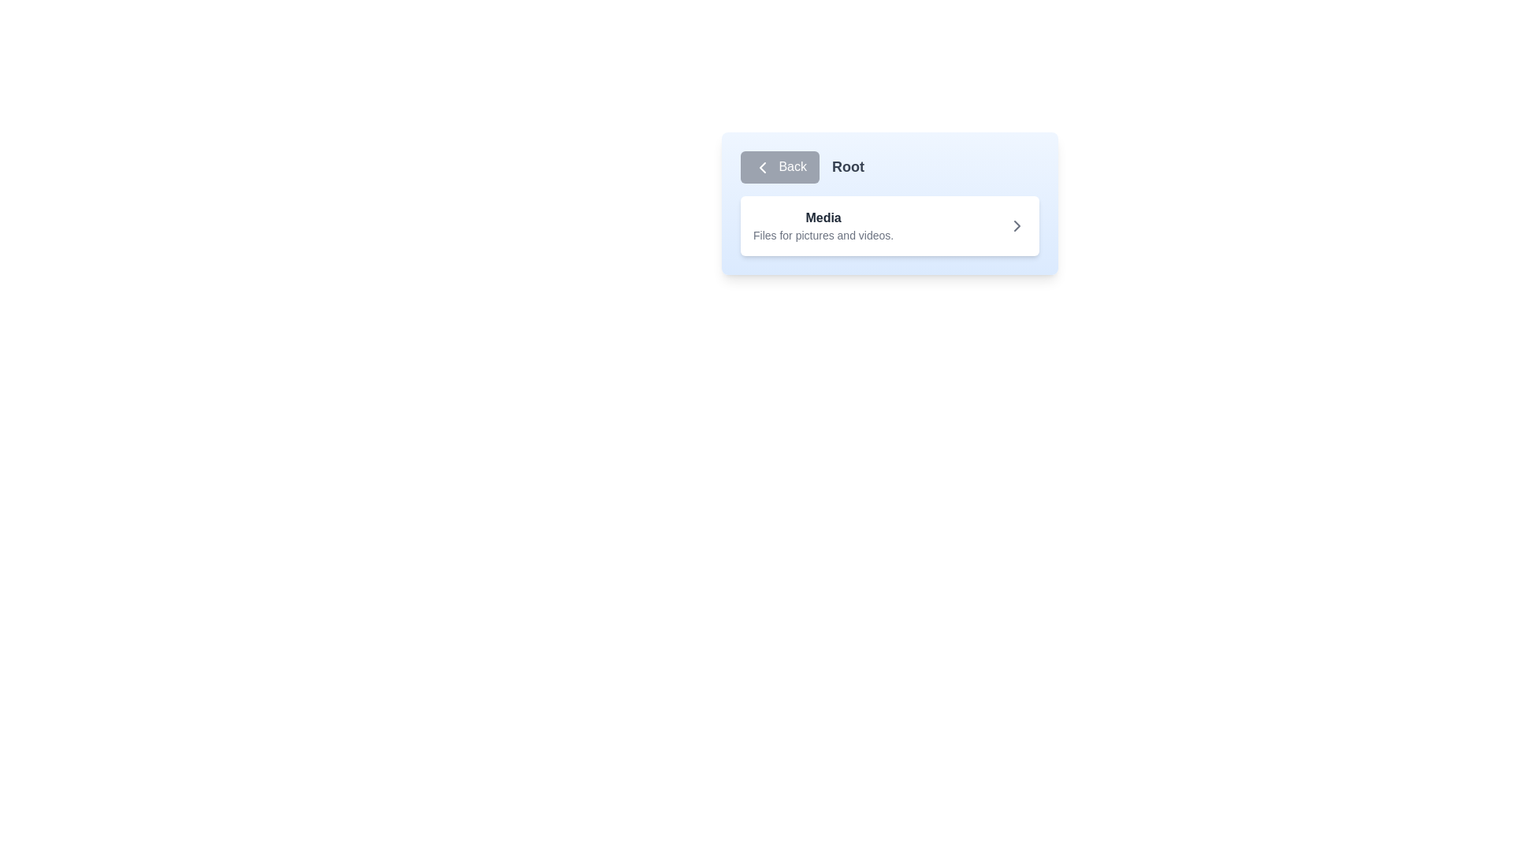  Describe the element at coordinates (1017, 225) in the screenshot. I see `the graphical arrow icon located on the right side of the 'Media' panel, which serves as a navigational indicator for further content or configuration options` at that location.